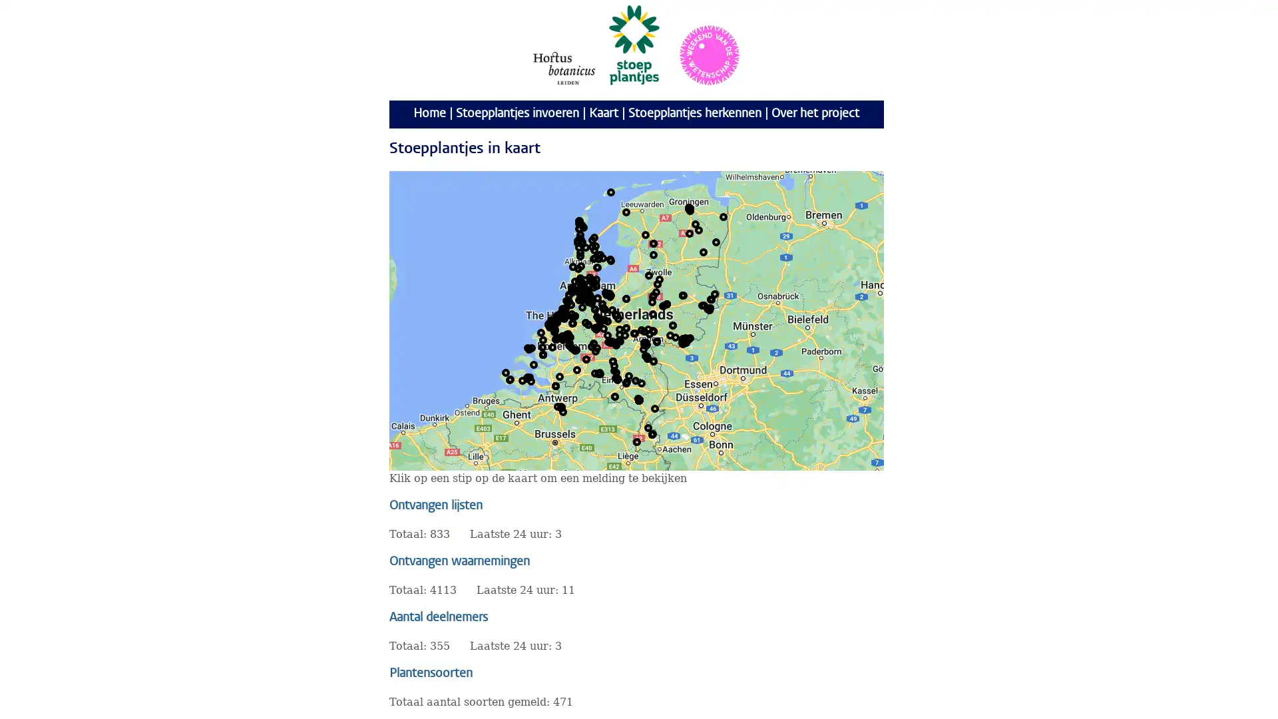 This screenshot has height=719, width=1278. What do you see at coordinates (587, 292) in the screenshot?
I see `Telling van Tom op 14 april 2022` at bounding box center [587, 292].